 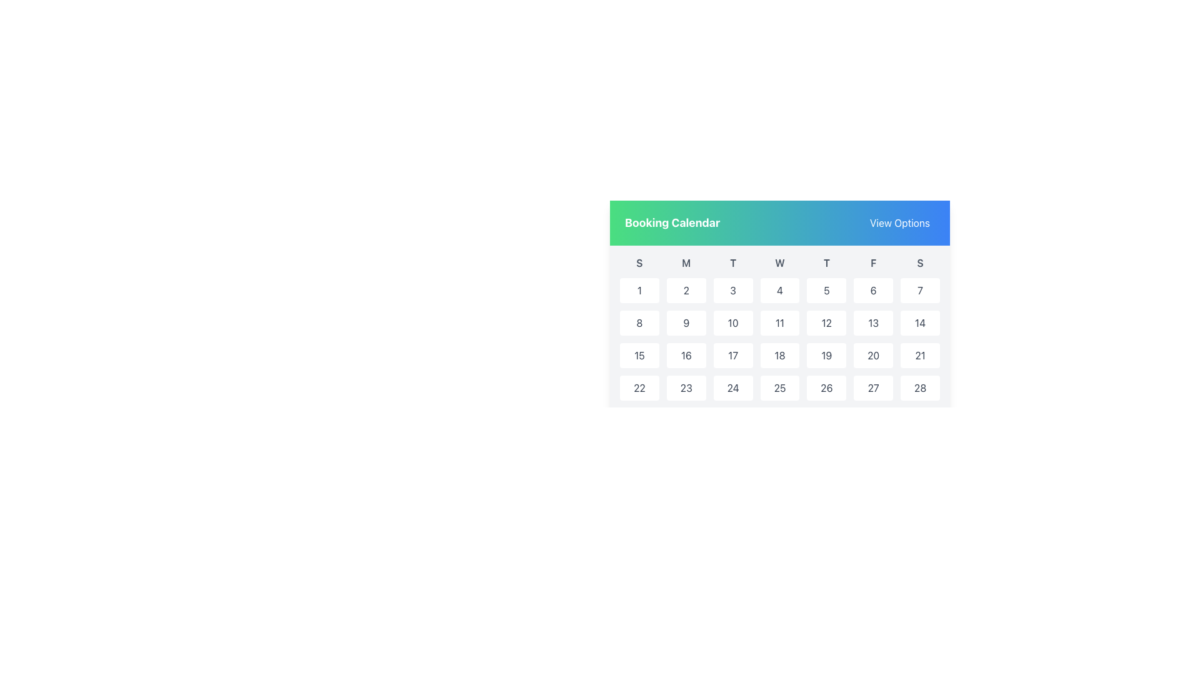 I want to click on the button representing the 9th day in the calendar grid, so click(x=686, y=322).